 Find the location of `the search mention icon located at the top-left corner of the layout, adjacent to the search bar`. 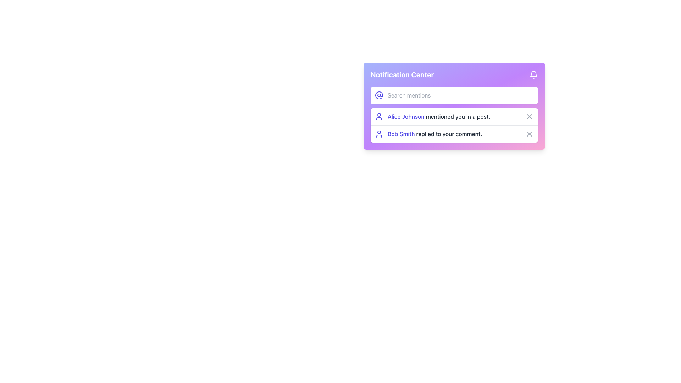

the search mention icon located at the top-left corner of the layout, adjacent to the search bar is located at coordinates (379, 95).